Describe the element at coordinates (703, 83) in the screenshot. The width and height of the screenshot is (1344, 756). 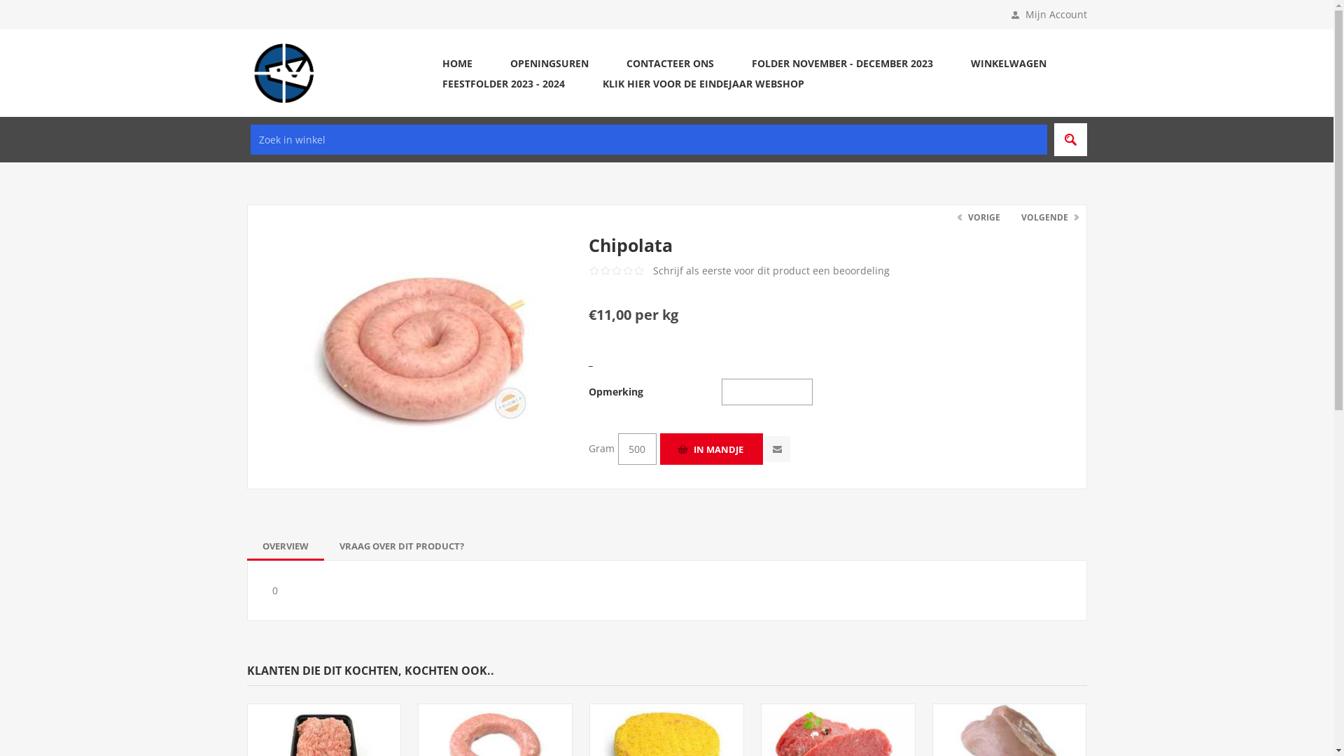
I see `'KLIK HIER VOOR DE EINDEJAAR WEBSHOP'` at that location.